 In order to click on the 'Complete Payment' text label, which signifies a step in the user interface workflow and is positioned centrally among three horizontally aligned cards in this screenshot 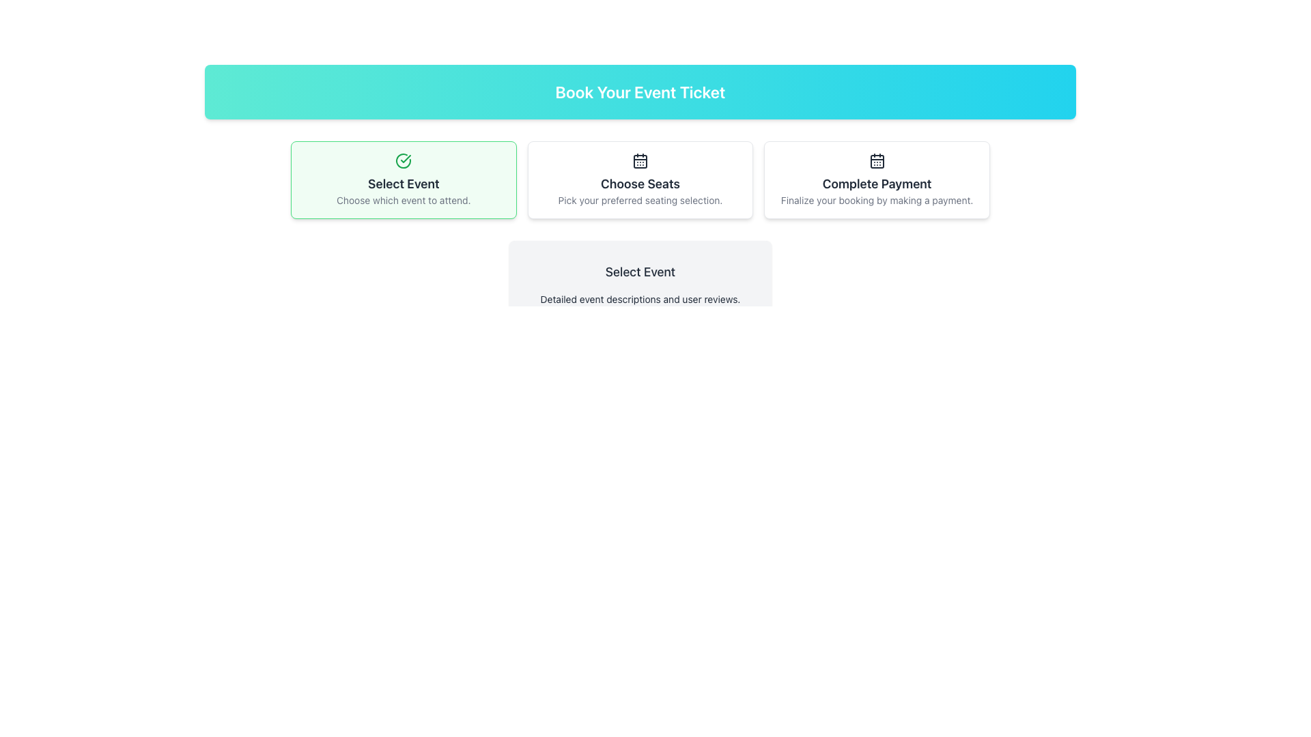, I will do `click(877, 184)`.